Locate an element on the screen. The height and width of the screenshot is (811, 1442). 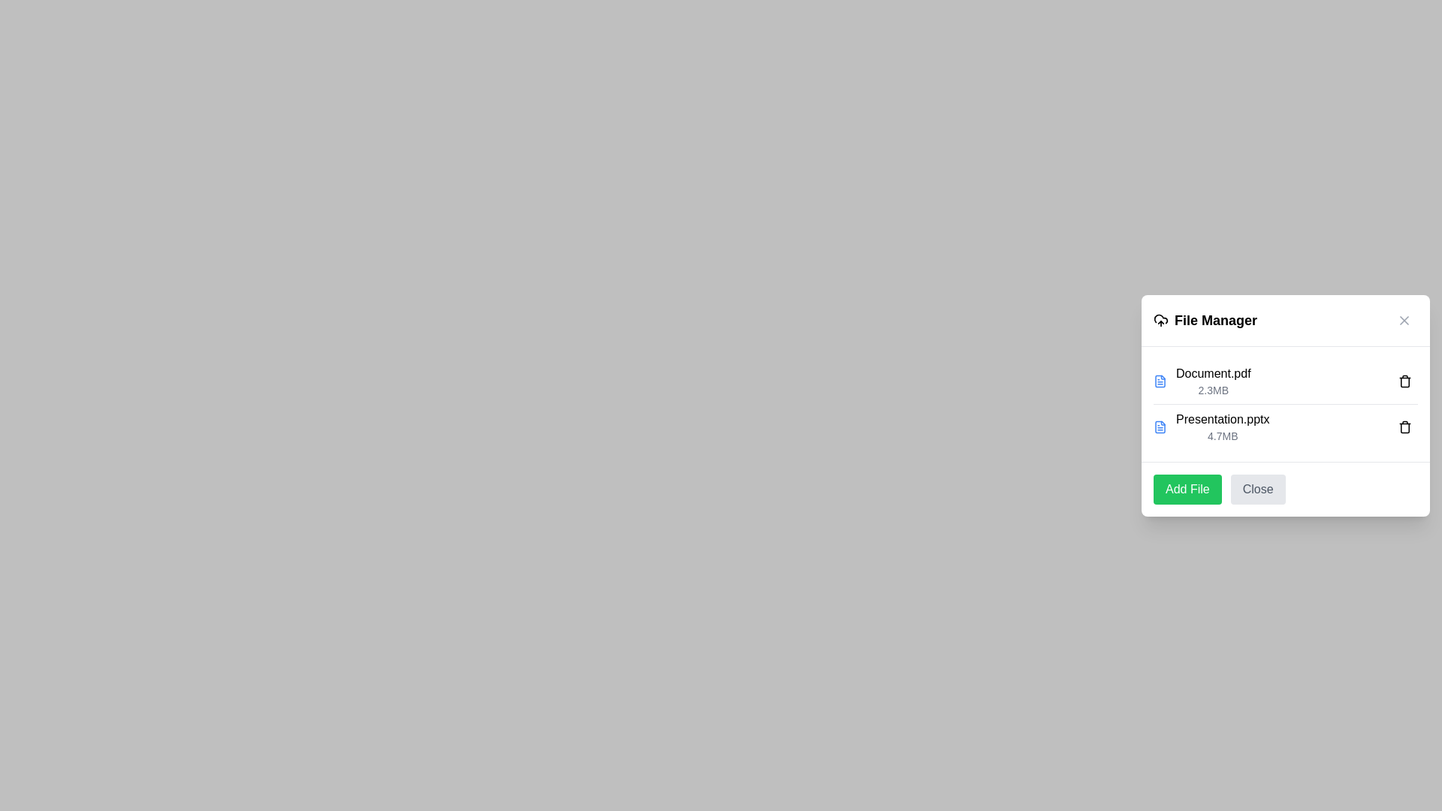
the file name label 'Document.pdf' located in the first entry of the file list in the 'File Manager' panel is located at coordinates (1213, 372).